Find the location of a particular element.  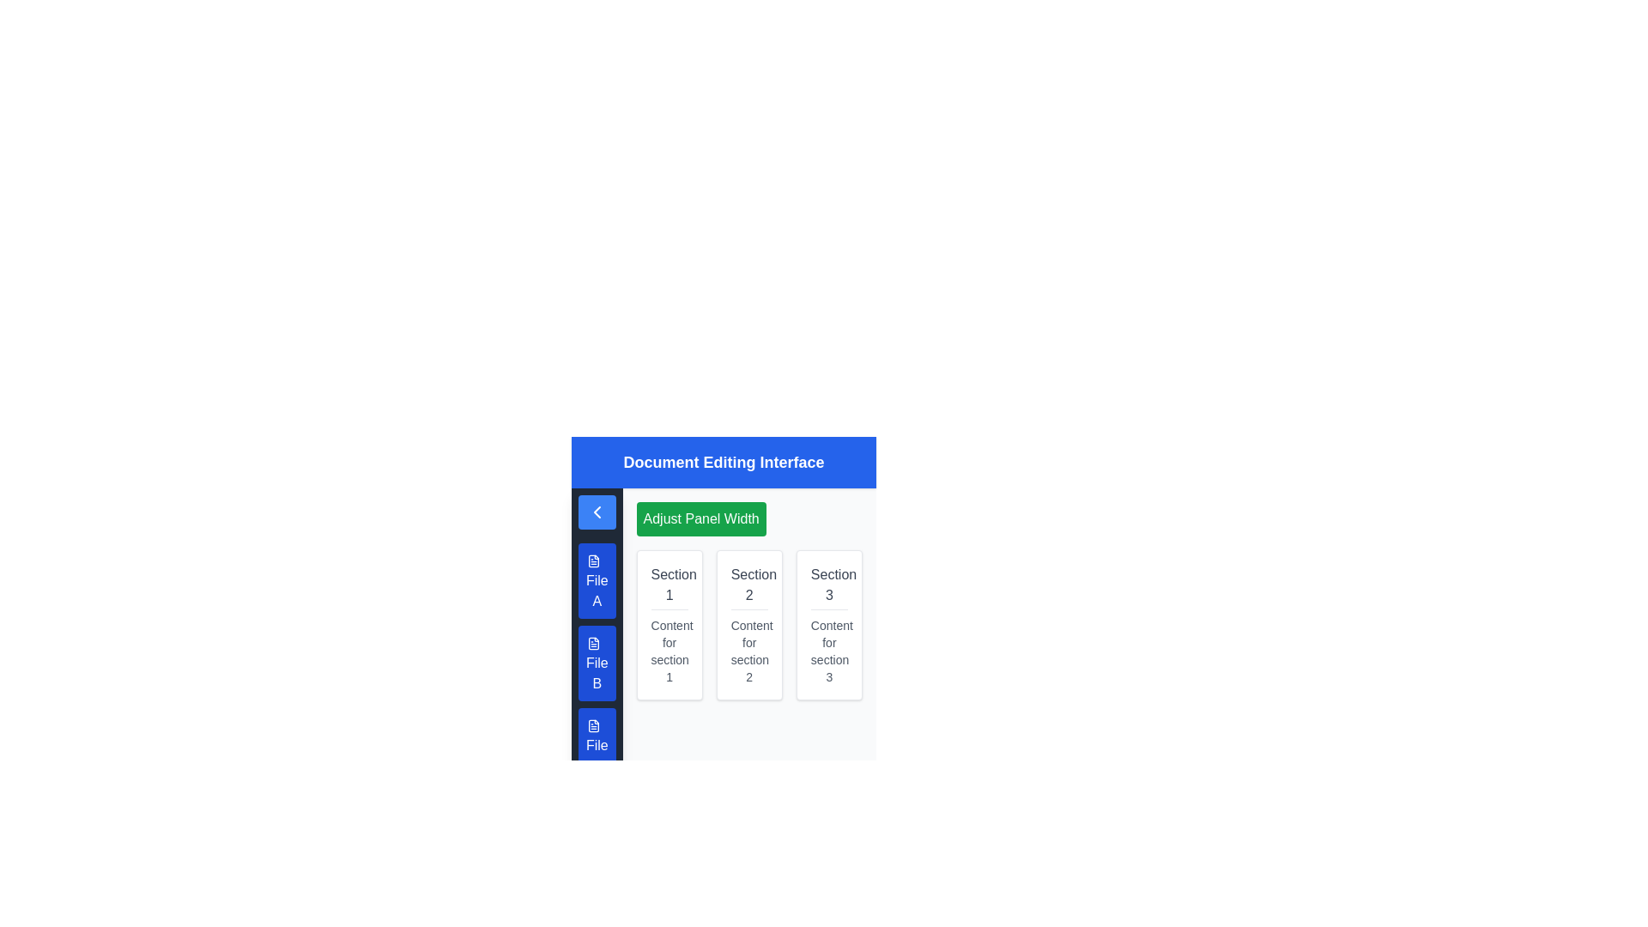

the Text label at the top of the first card, which serves as a title or header for the card, located centrally below the green button labeled 'Adjust Panel Width' is located at coordinates (669, 586).